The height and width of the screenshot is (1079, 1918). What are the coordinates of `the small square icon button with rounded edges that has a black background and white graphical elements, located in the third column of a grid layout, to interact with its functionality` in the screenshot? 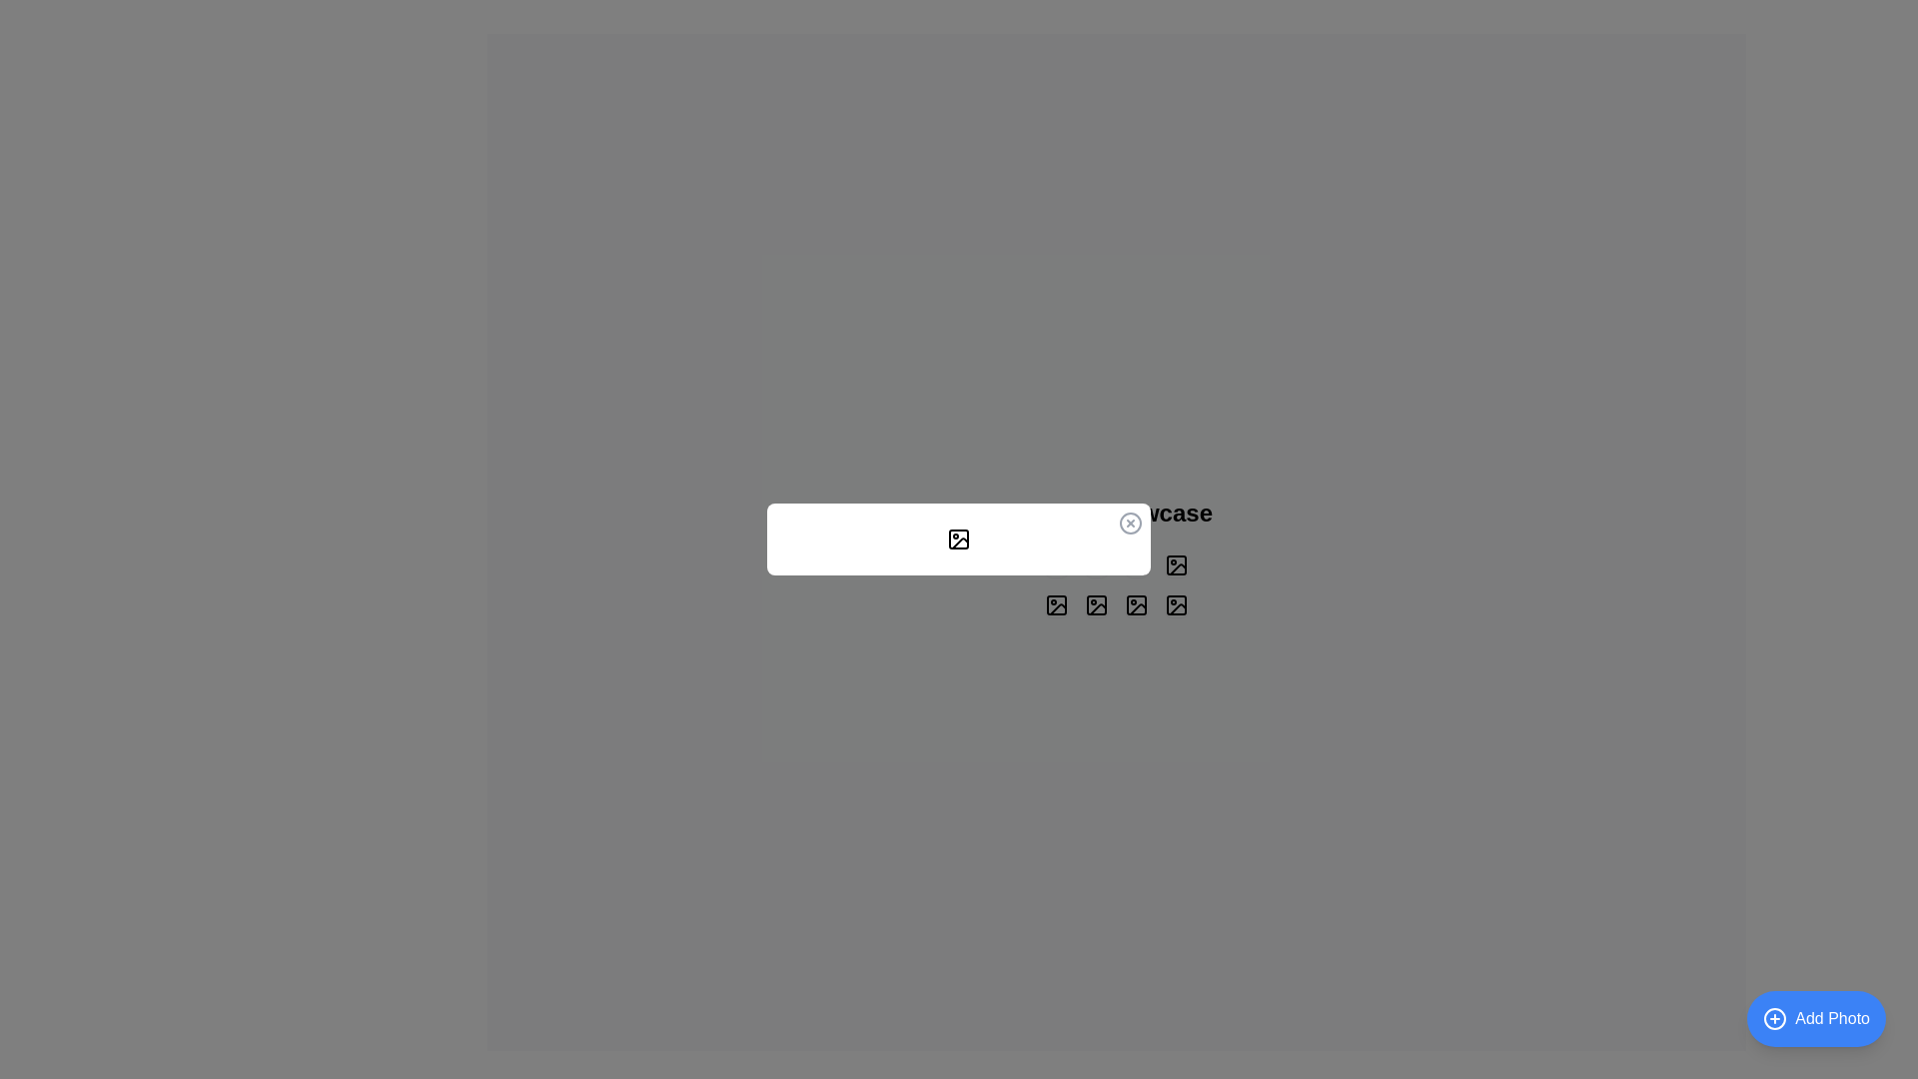 It's located at (1136, 565).